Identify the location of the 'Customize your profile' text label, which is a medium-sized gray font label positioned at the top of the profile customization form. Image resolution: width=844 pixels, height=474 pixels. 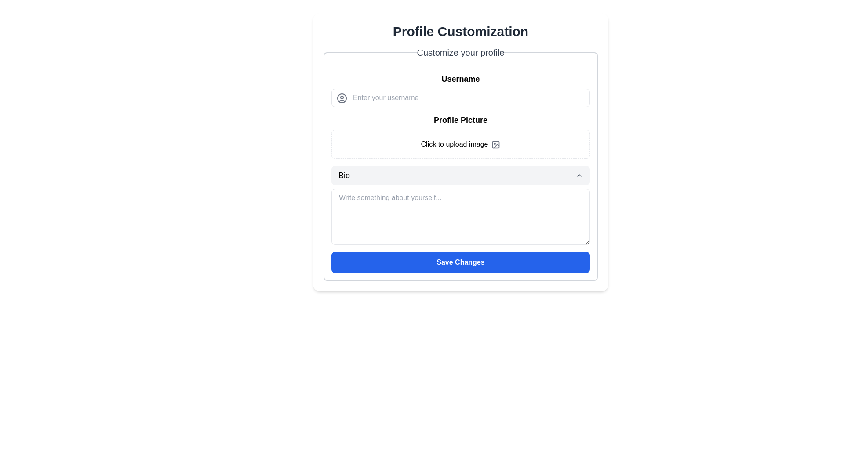
(460, 52).